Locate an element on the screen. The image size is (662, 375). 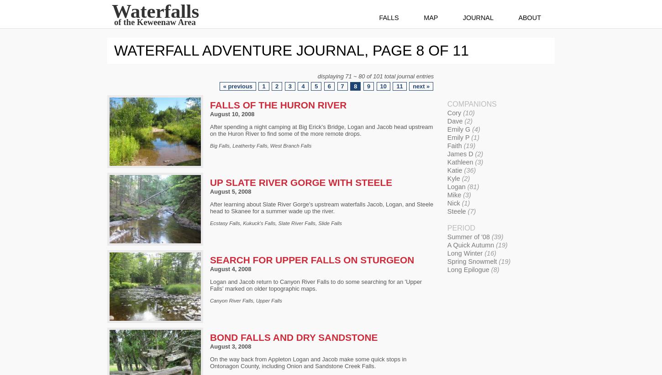
'Spring Snowmelt' is located at coordinates (473, 261).